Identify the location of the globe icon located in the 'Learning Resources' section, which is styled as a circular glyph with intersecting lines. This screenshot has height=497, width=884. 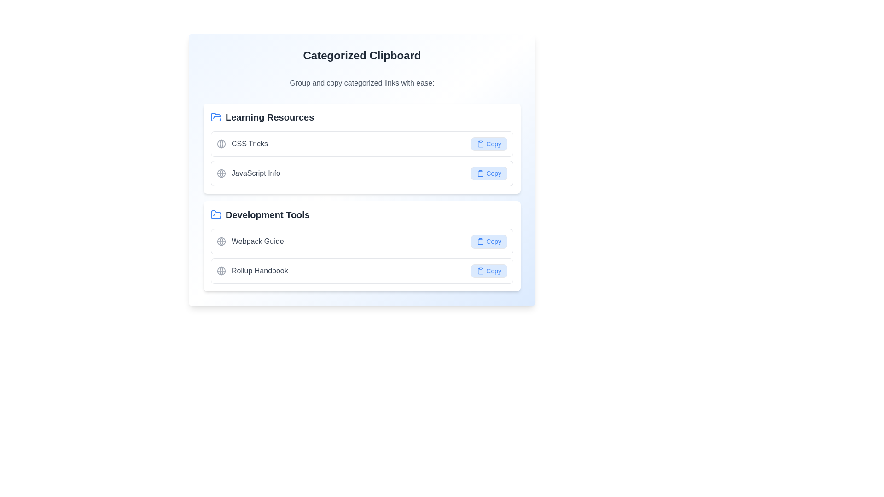
(221, 144).